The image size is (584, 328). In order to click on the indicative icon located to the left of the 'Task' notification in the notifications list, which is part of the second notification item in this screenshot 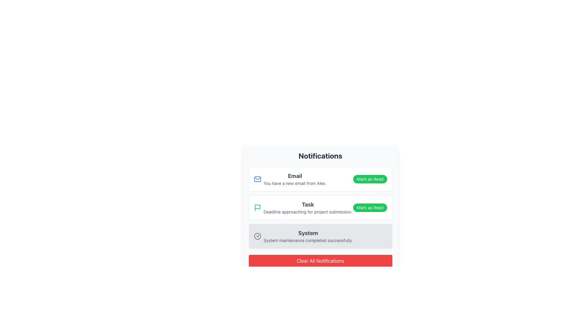, I will do `click(257, 207)`.